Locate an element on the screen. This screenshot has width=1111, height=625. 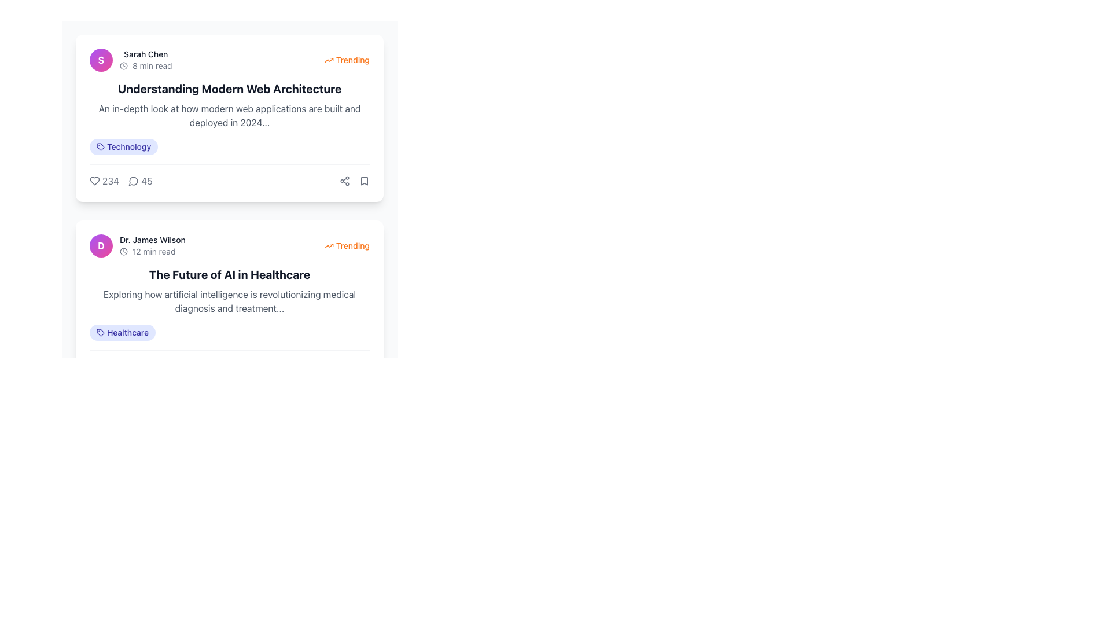
the label with an icon and text indicating that the article 'The Future of AI in Healthcare' by 'Dr. James Wilson' is currently popular, which is positioned on the right side of the content section is located at coordinates (346, 245).